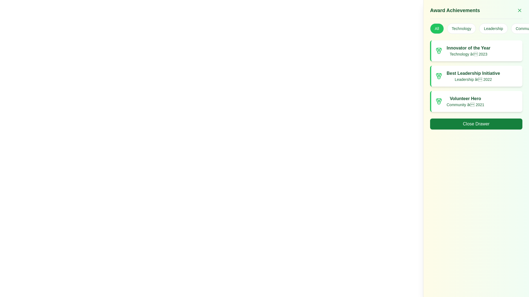 The image size is (529, 297). I want to click on the text label displaying 'Leadership – 2022' styled in a small green font, which is located within the second card under the main heading 'Best Leadership Initiative', so click(473, 79).